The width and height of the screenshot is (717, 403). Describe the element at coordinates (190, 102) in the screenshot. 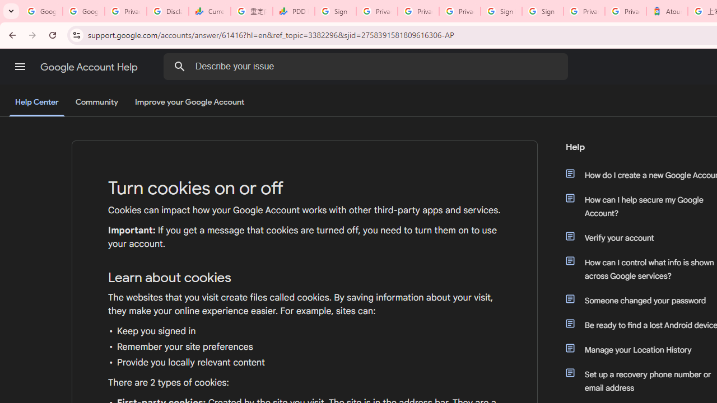

I see `'Improve your Google Account'` at that location.